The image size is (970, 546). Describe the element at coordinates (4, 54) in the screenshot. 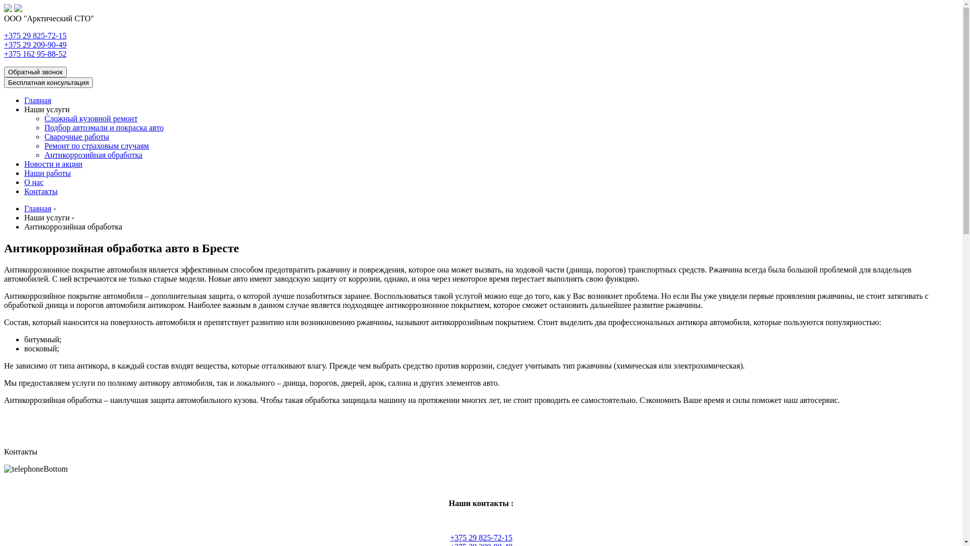

I see `'+375 162 95-88-52'` at that location.